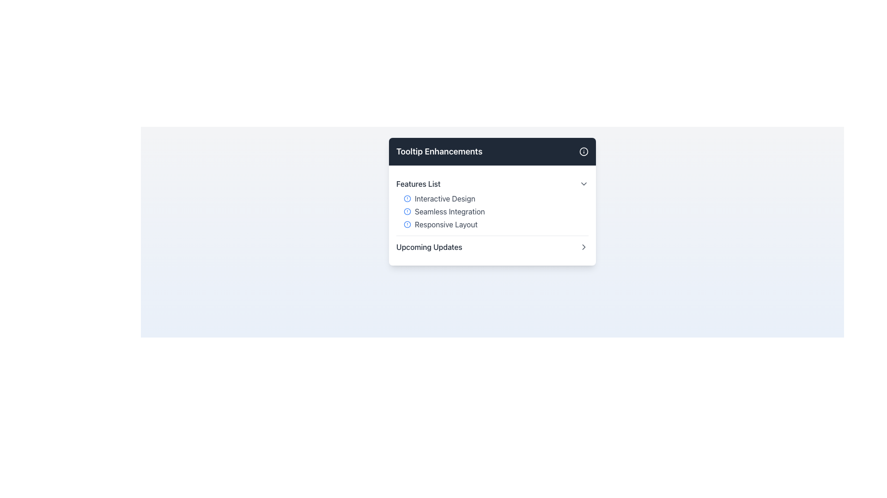 This screenshot has height=498, width=887. What do you see at coordinates (429, 247) in the screenshot?
I see `the text label near the bottom of the dropdown panel` at bounding box center [429, 247].